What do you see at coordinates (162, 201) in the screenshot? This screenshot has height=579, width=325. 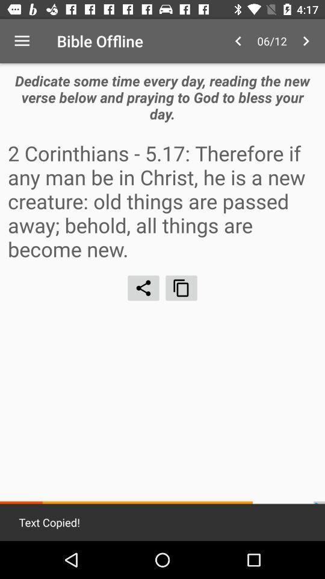 I see `2 corinthians 5 icon` at bounding box center [162, 201].